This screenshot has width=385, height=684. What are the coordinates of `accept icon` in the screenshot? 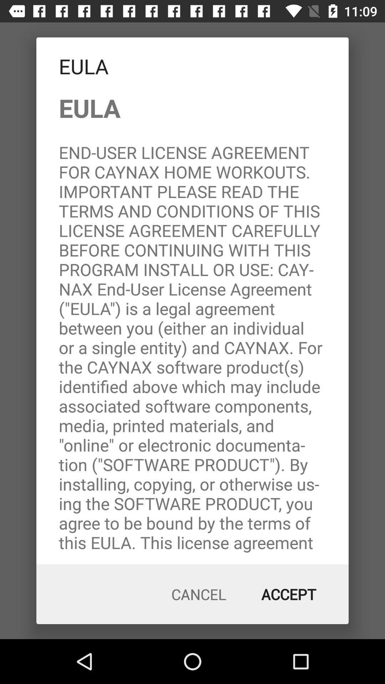 It's located at (289, 594).